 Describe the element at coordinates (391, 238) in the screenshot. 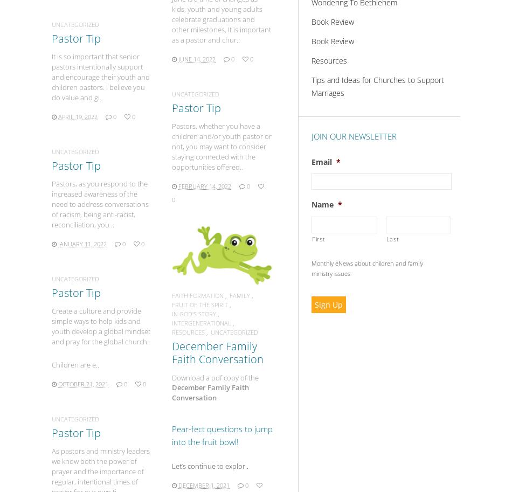

I see `'Last'` at that location.